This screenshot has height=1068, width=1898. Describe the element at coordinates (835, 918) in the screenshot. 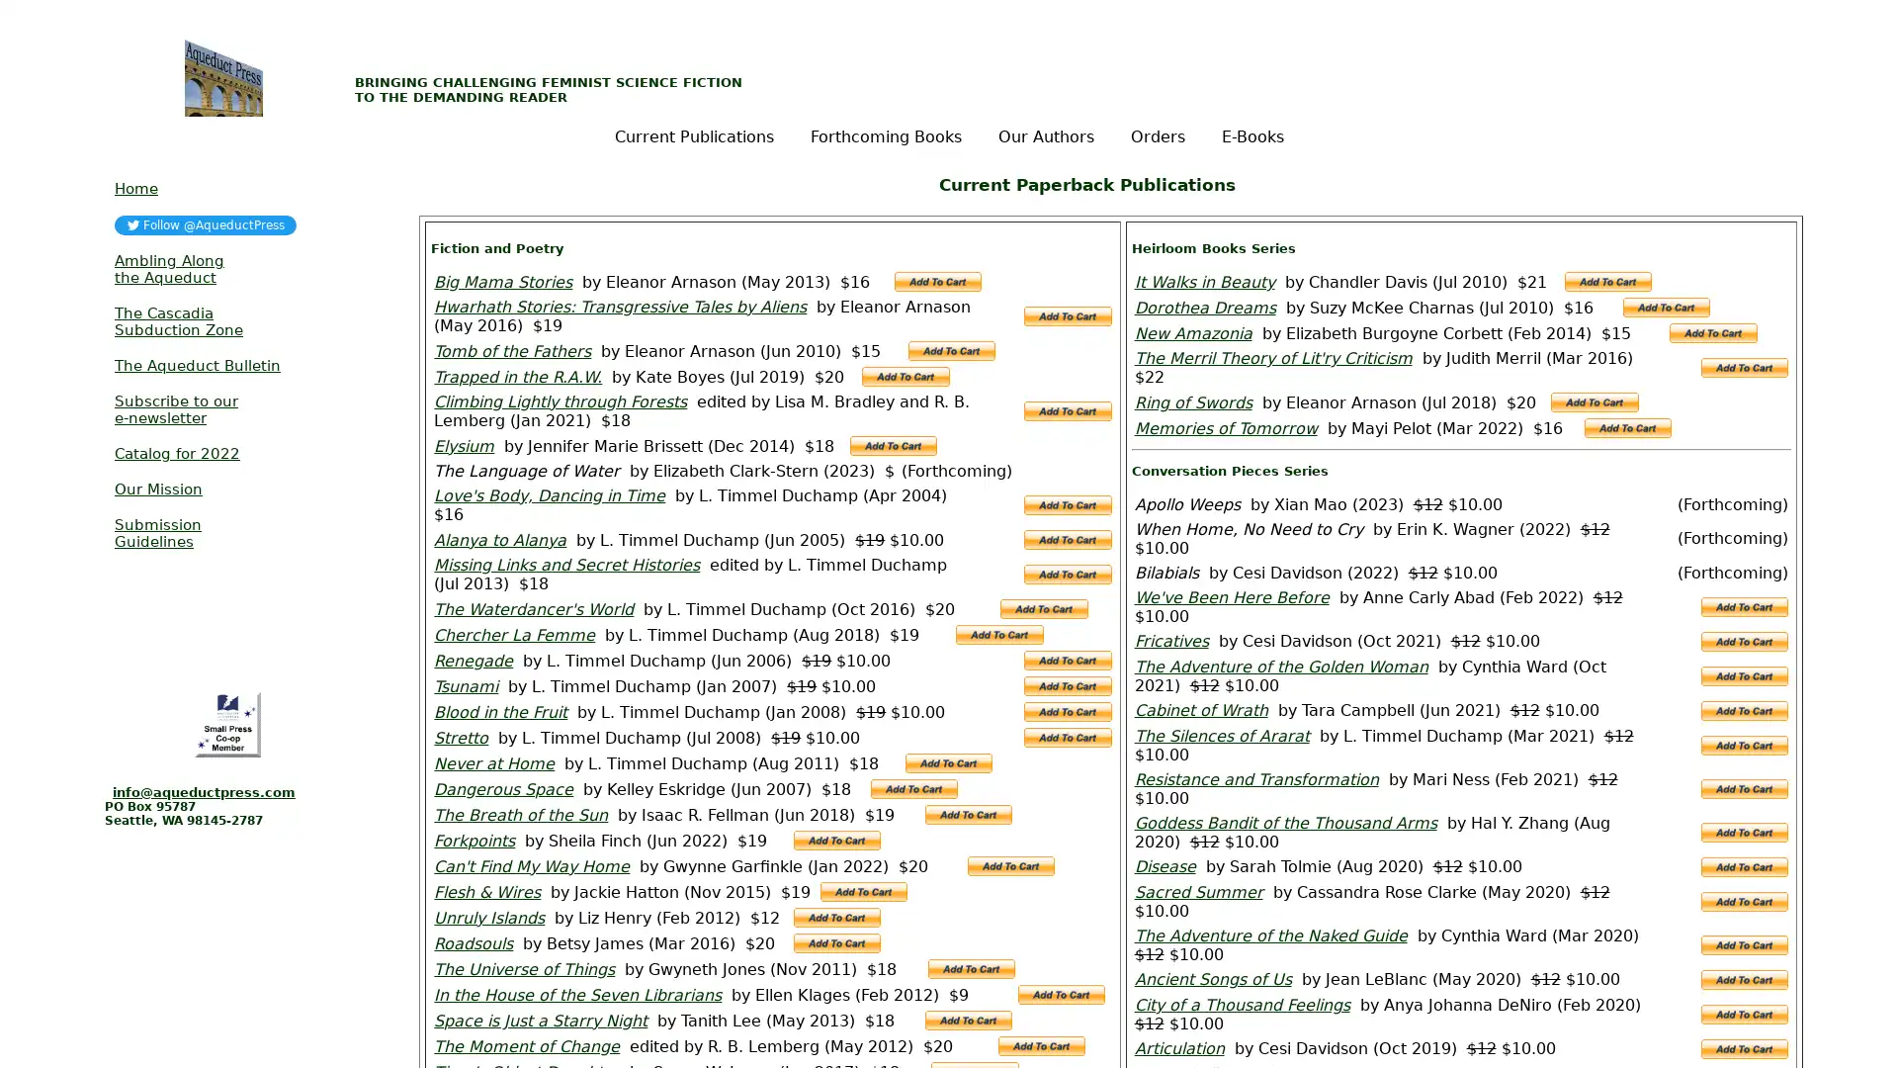

I see `Make payments with PayPal - it\'s fast, free and secure!` at that location.